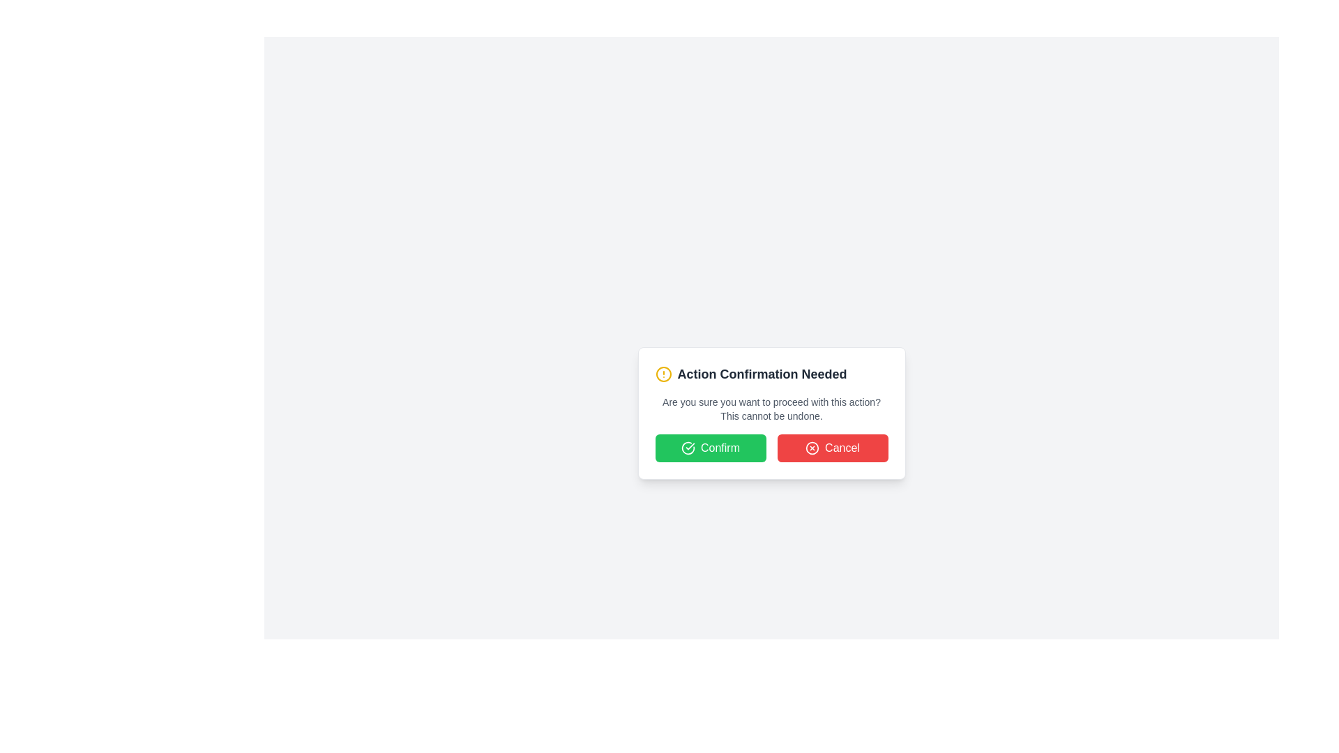 This screenshot has width=1339, height=753. What do you see at coordinates (663, 373) in the screenshot?
I see `the SVG circle element within the alert icon located in the top-left corner of the dialog box titled 'Action Confirmation Needed'` at bounding box center [663, 373].